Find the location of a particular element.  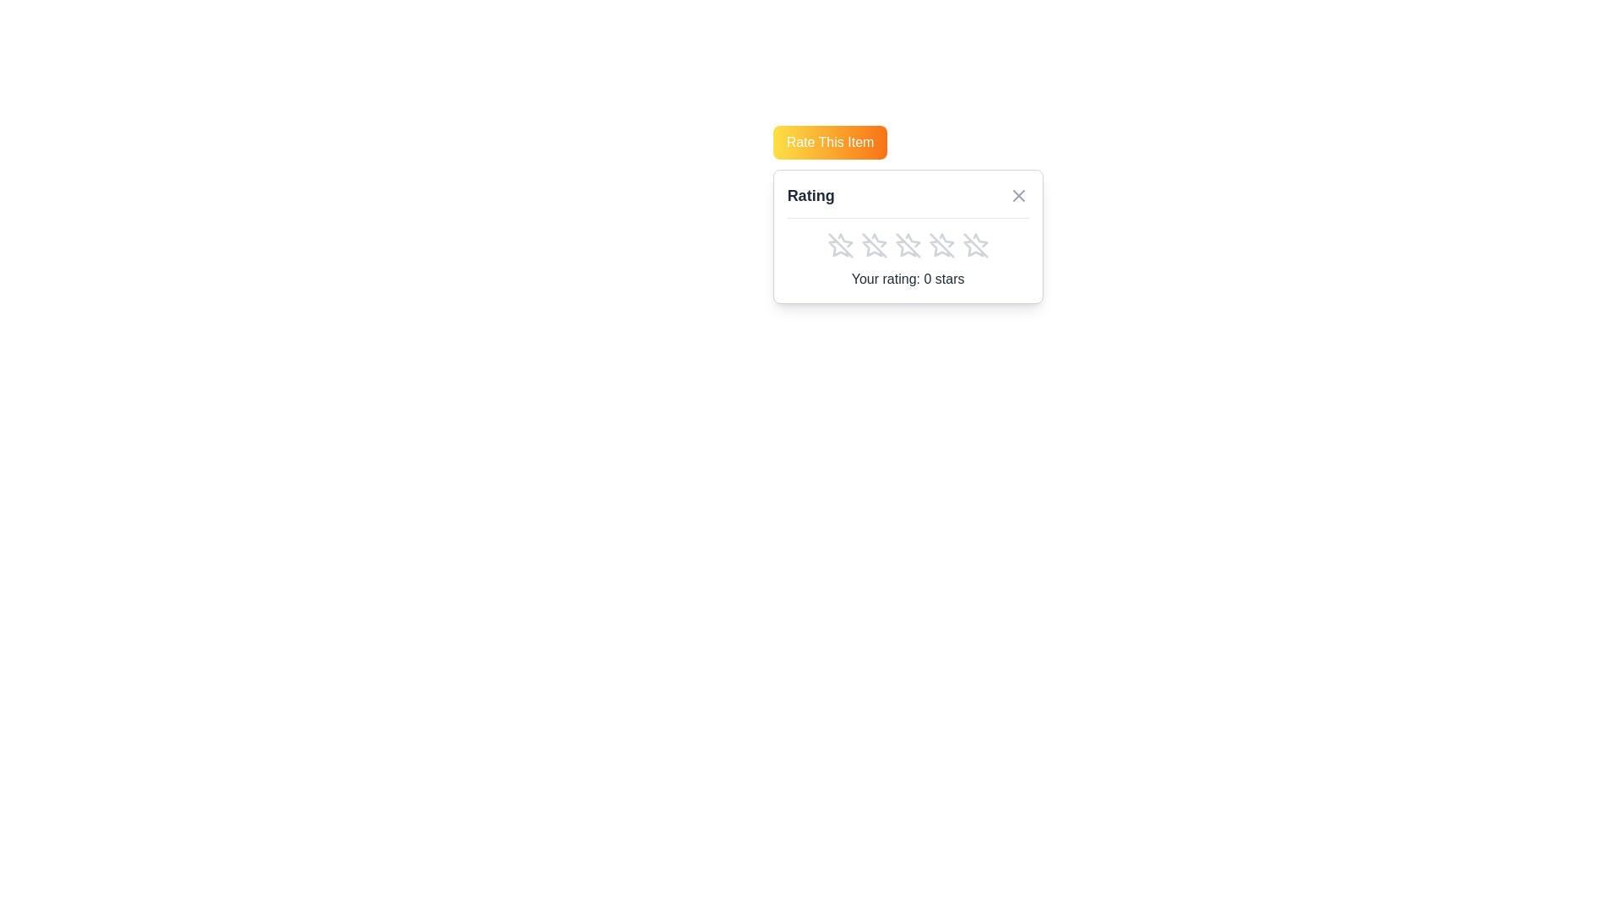

the second gray star icon with a crossed-out appearance is located at coordinates (874, 245).